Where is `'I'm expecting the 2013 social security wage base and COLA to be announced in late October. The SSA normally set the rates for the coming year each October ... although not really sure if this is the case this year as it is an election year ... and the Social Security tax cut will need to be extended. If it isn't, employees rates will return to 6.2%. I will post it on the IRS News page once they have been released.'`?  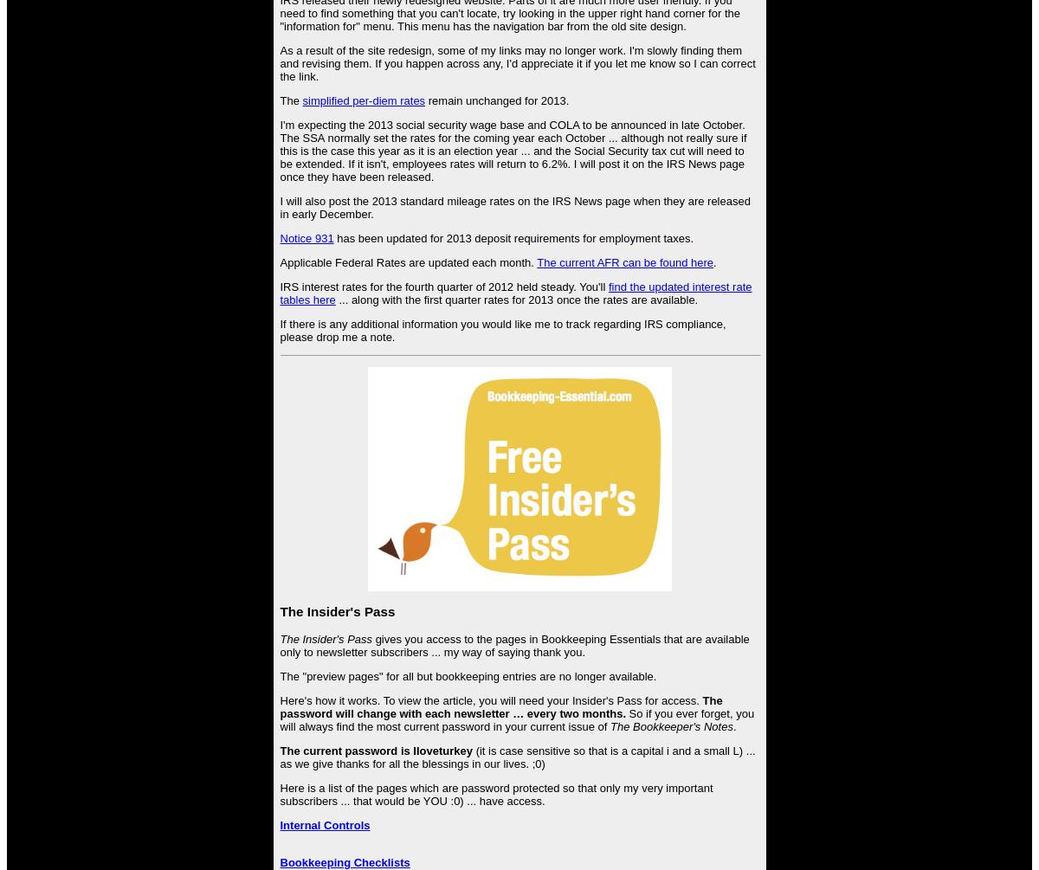
'I'm expecting the 2013 social security wage base and COLA to be announced in late October. The SSA normally set the rates for the coming year each October ... although not really sure if this is the case this year as it is an election year ... and the Social Security tax cut will need to be extended. If it isn't, employees rates will return to 6.2%. I will post it on the IRS News page once they have been released.' is located at coordinates (512, 150).